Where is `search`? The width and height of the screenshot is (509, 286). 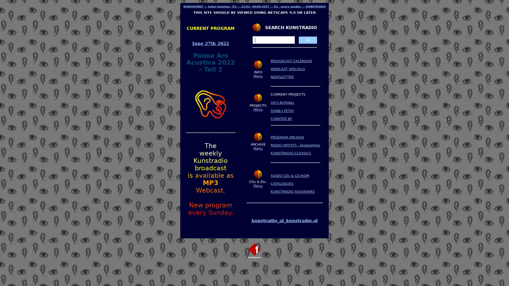 search is located at coordinates (308, 39).